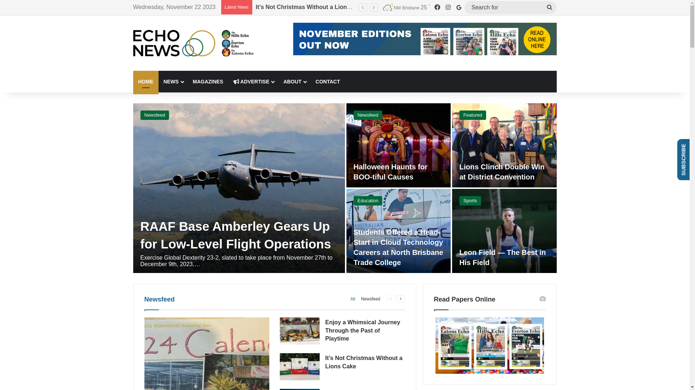  What do you see at coordinates (472, 115) in the screenshot?
I see `'Featured'` at bounding box center [472, 115].